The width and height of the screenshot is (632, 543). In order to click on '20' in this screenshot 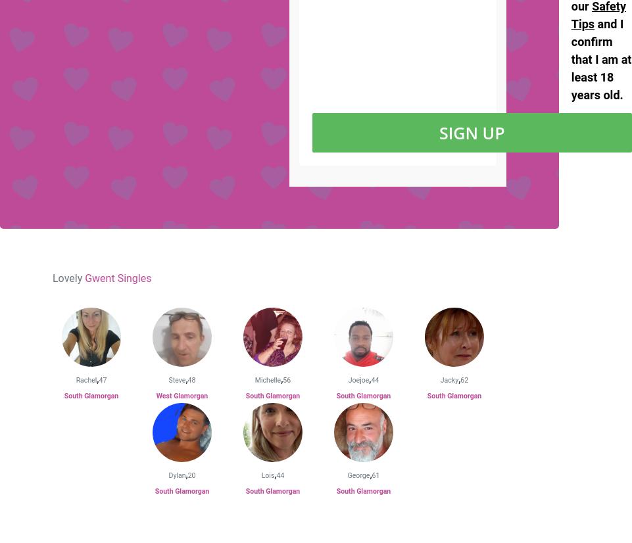, I will do `click(191, 475)`.